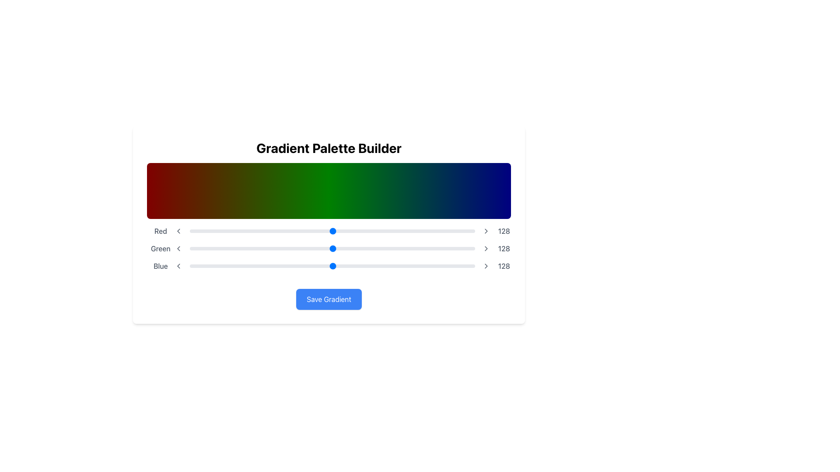 The image size is (840, 472). Describe the element at coordinates (462, 264) in the screenshot. I see `the blue color intensity` at that location.